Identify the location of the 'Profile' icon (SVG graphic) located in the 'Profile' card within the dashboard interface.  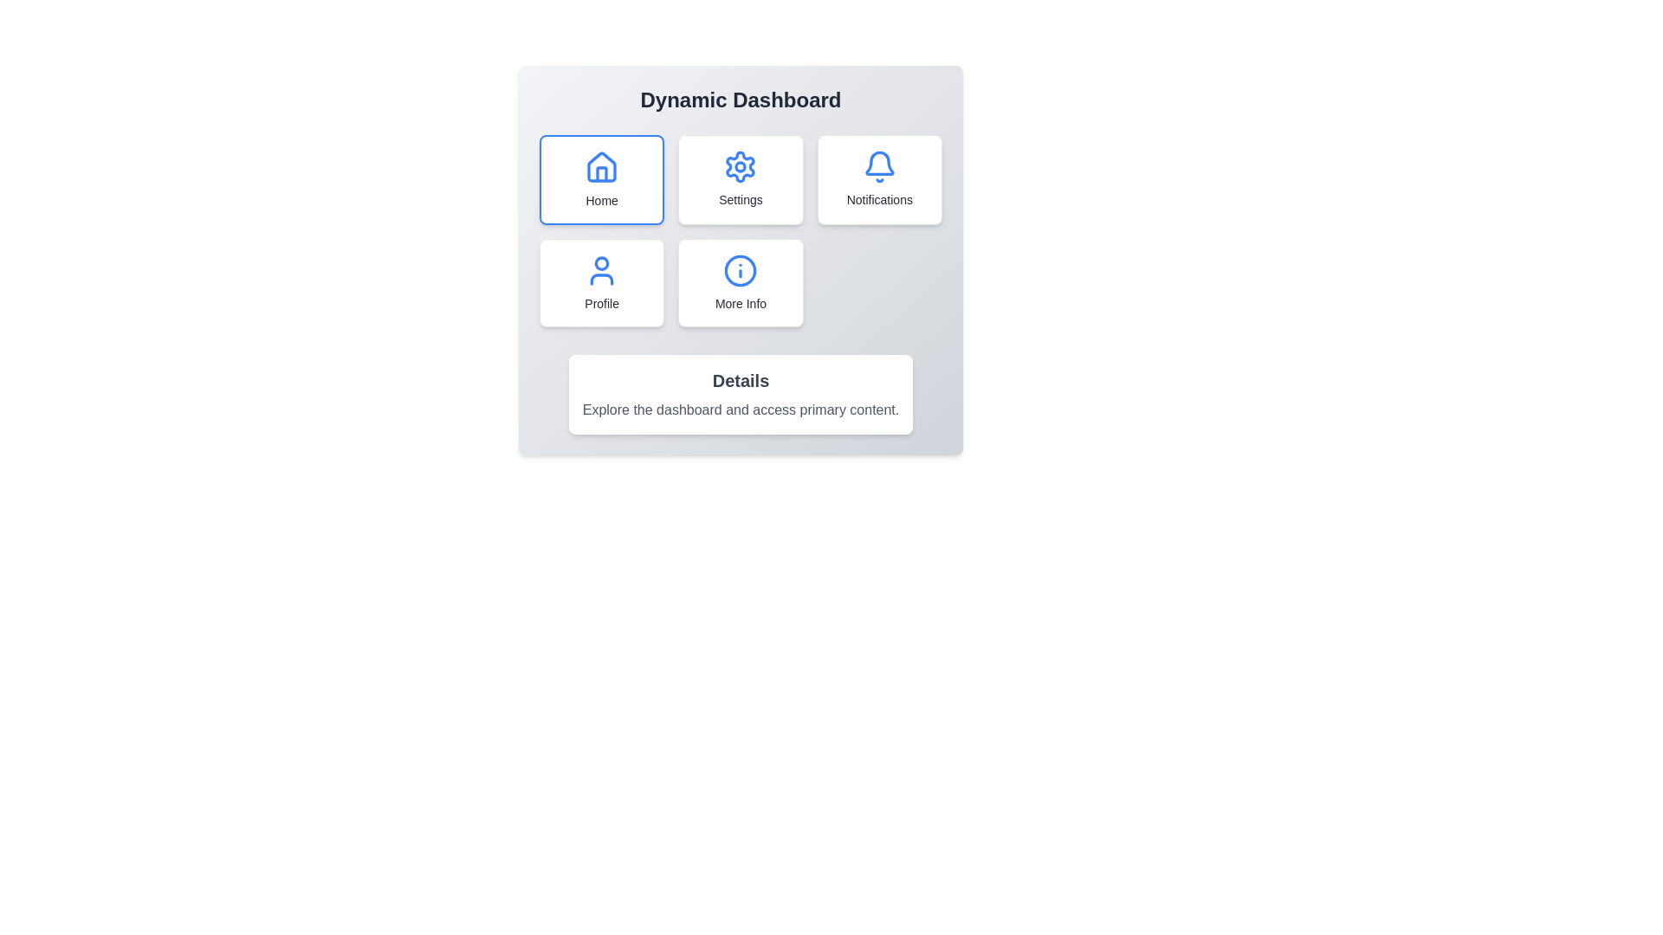
(602, 270).